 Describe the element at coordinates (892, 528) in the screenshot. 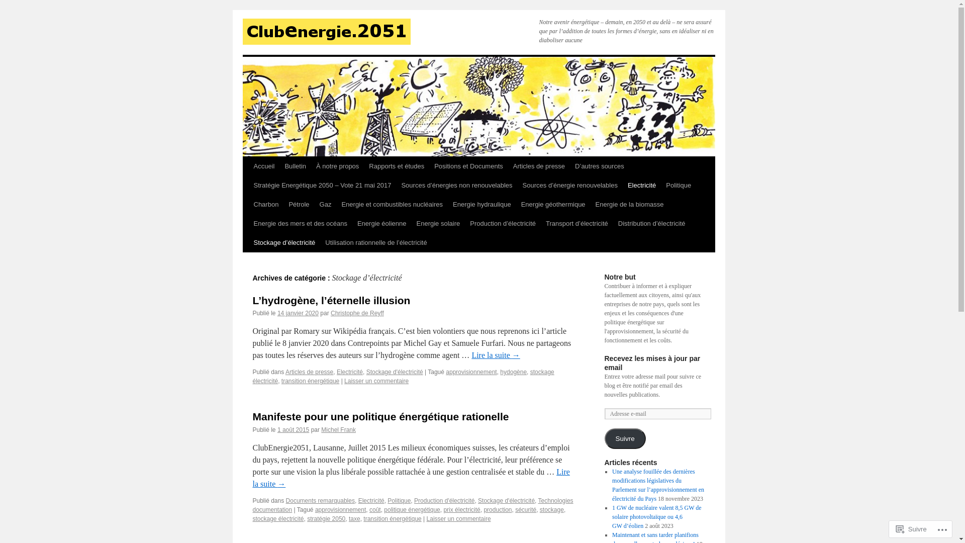

I see `'Suivre'` at that location.